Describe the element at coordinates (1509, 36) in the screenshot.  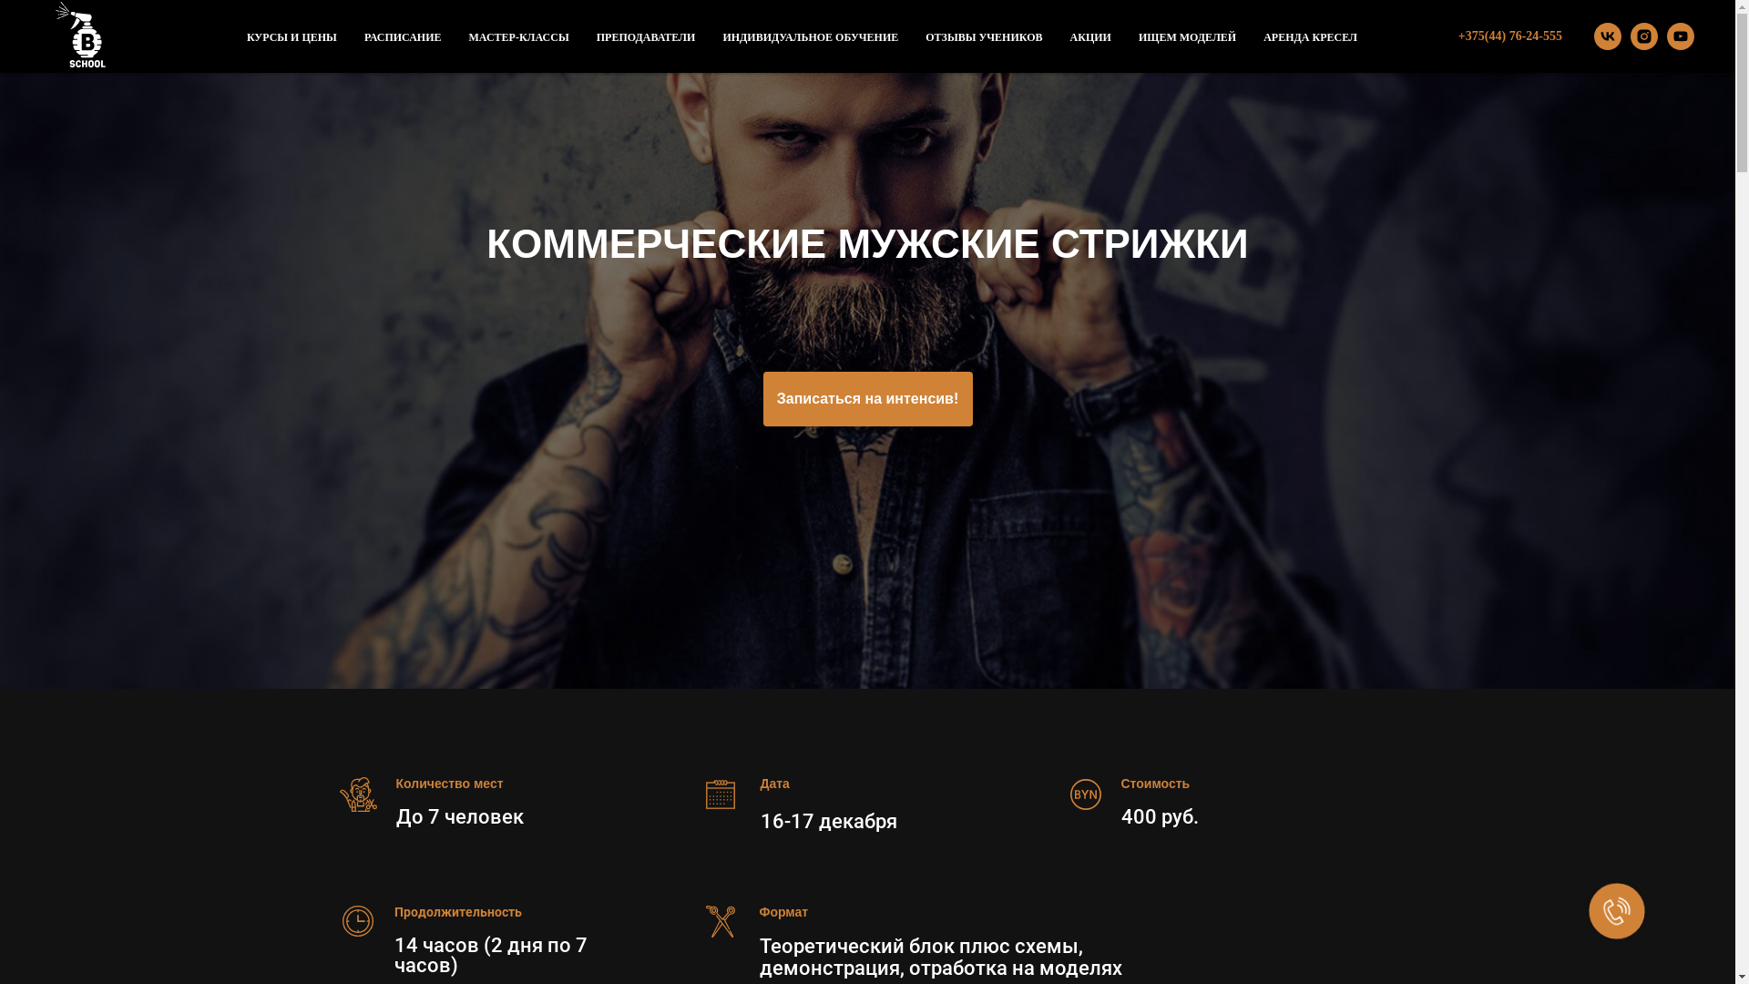
I see `'+375(44) 76-24-555'` at that location.